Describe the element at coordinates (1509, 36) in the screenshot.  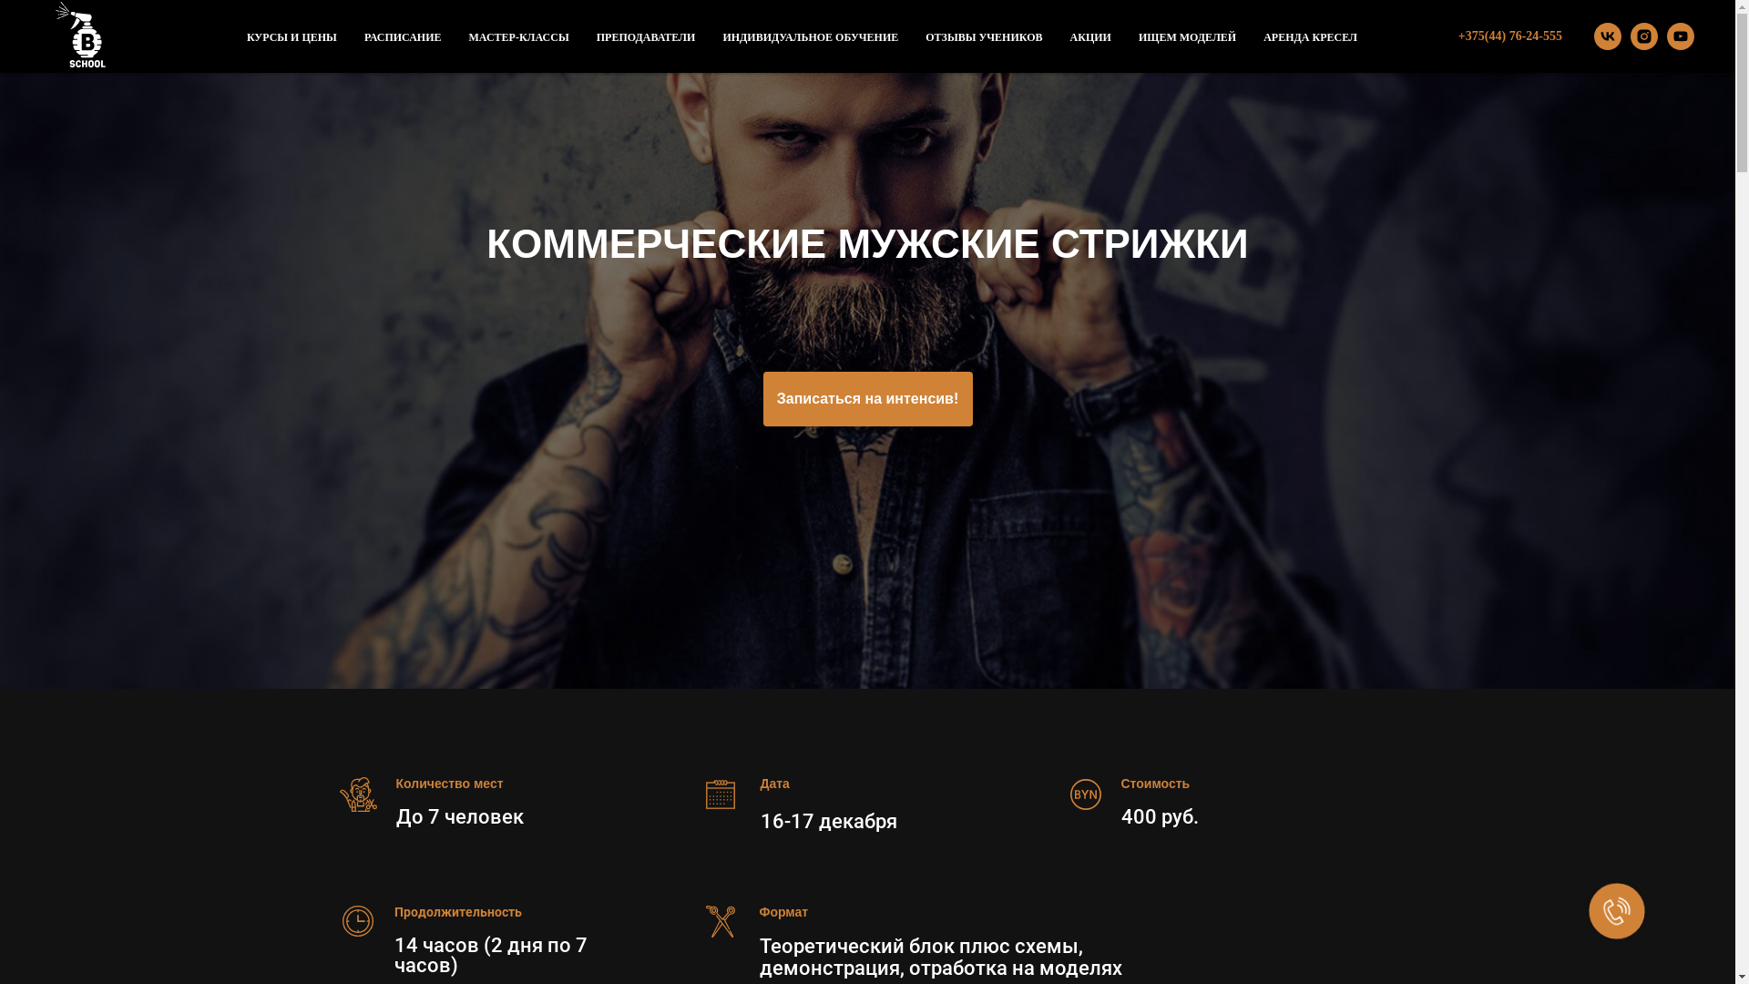
I see `'+375(44) 76-24-555'` at that location.